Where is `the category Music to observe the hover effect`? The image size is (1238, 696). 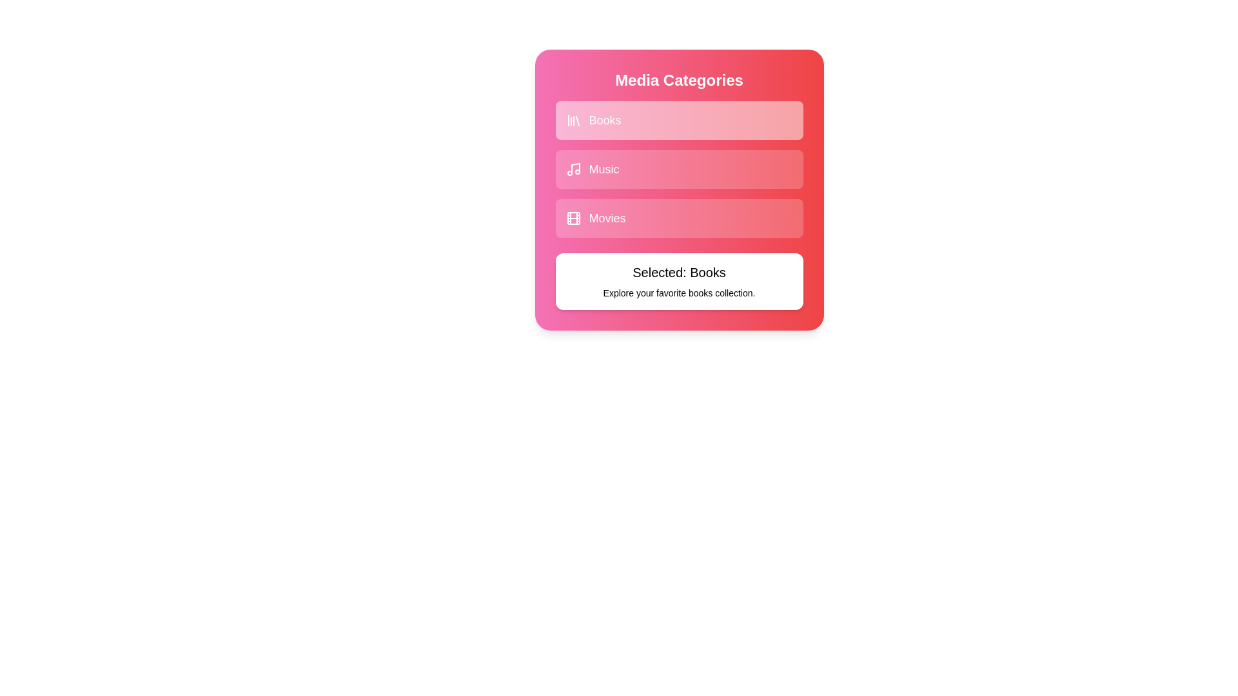 the category Music to observe the hover effect is located at coordinates (678, 168).